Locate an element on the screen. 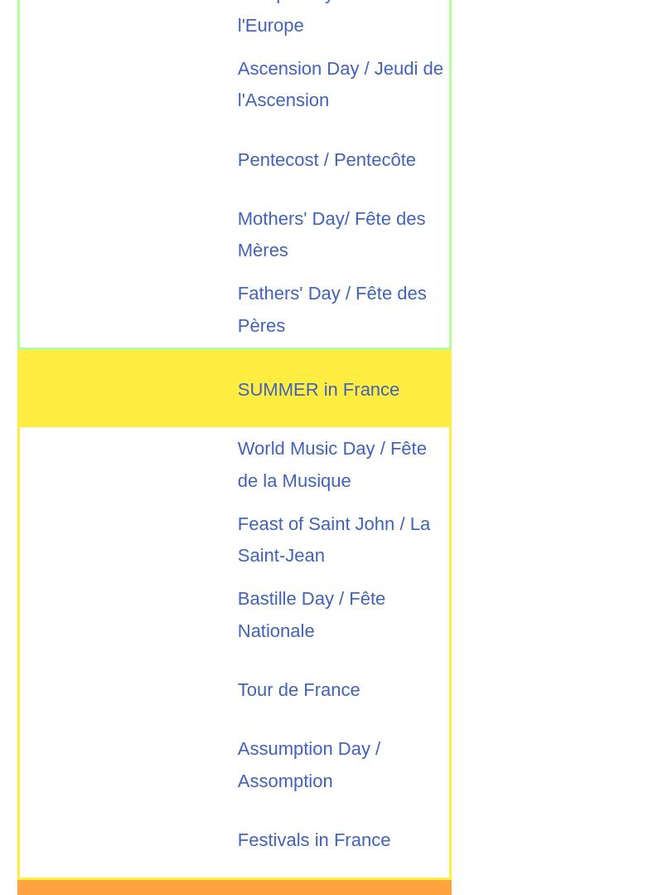 The width and height of the screenshot is (663, 895). 'Assumption Day / Assomption' is located at coordinates (237, 764).